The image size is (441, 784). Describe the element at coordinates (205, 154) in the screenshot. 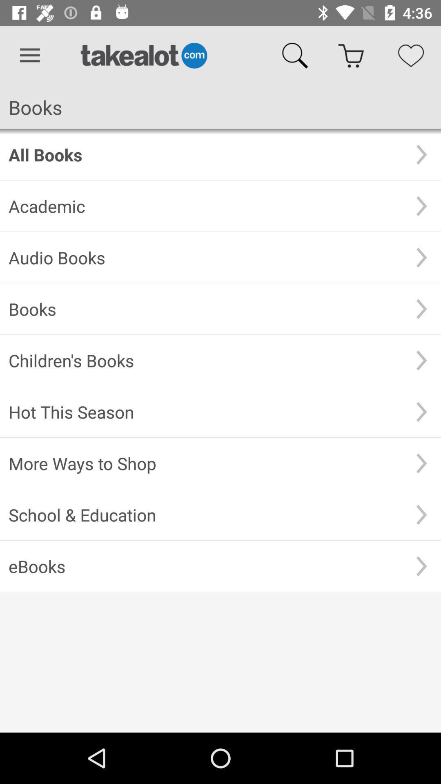

I see `the icon above academic item` at that location.